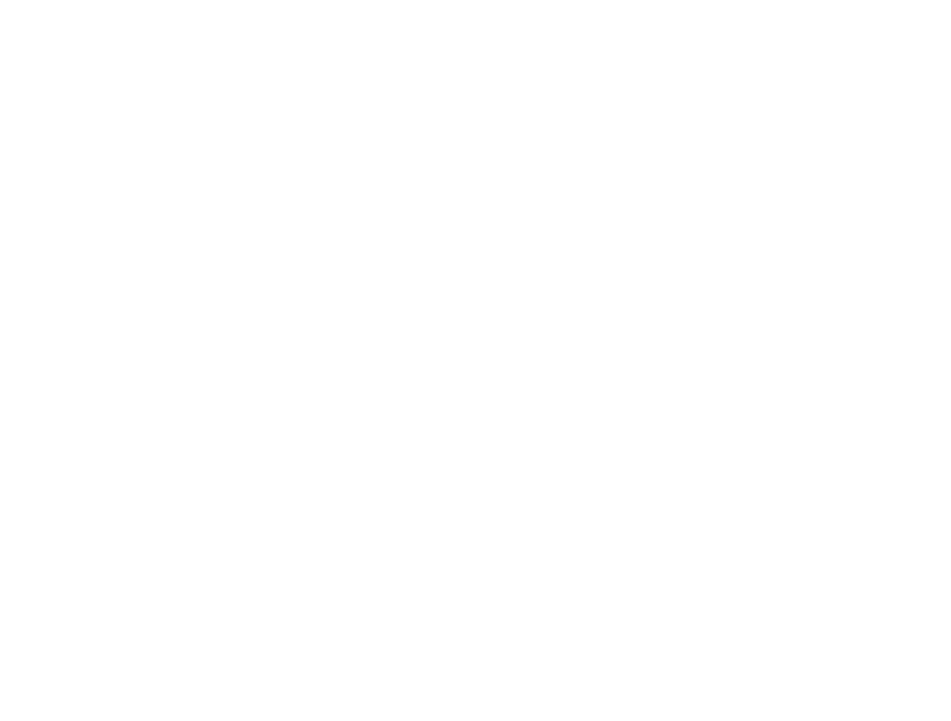 This screenshot has width=951, height=721. Describe the element at coordinates (409, 634) in the screenshot. I see `'Holistic relaxation'` at that location.